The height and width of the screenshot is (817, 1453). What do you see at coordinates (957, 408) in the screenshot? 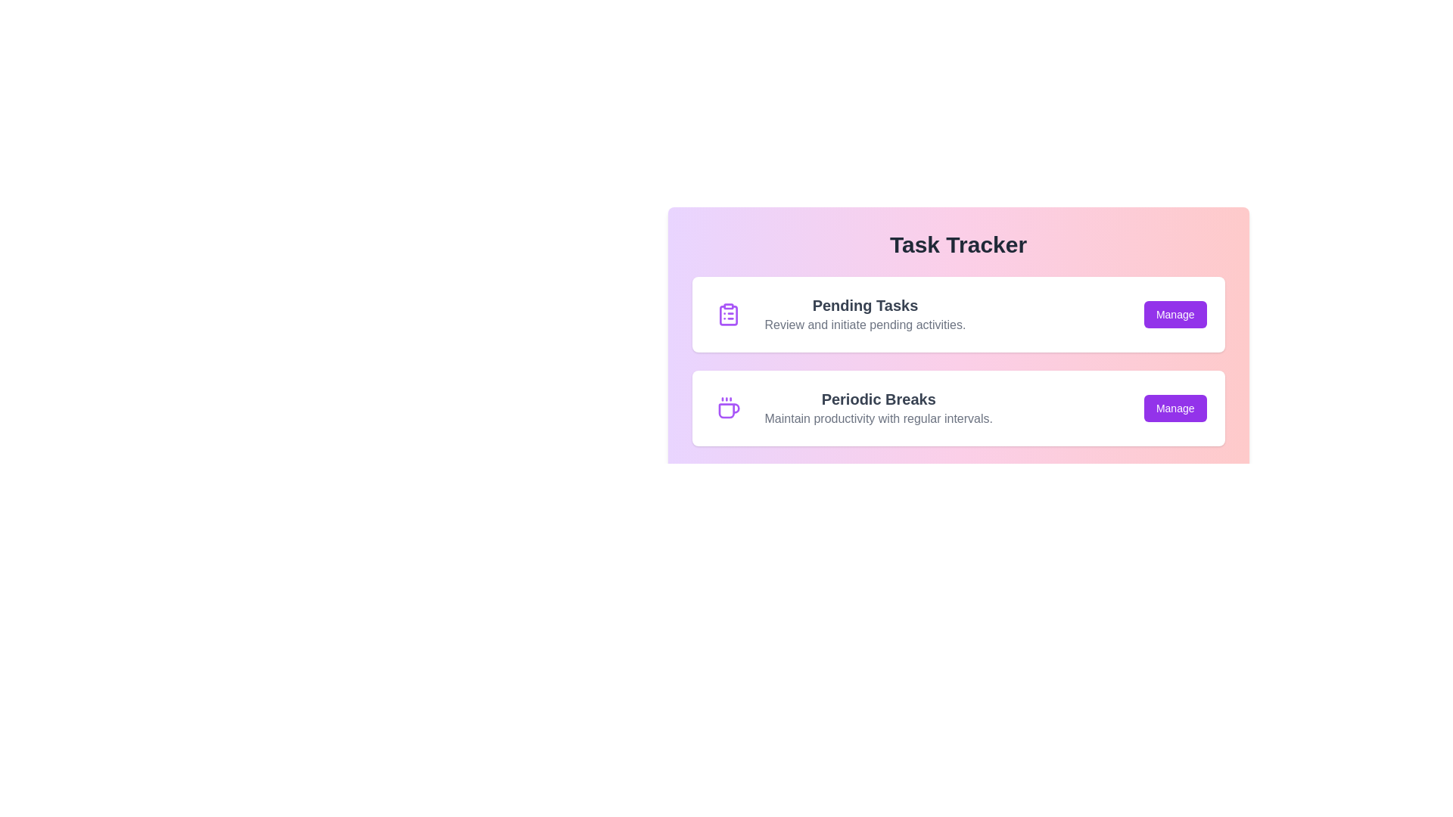
I see `the task item Periodic Breaks to observe its hover effect` at bounding box center [957, 408].